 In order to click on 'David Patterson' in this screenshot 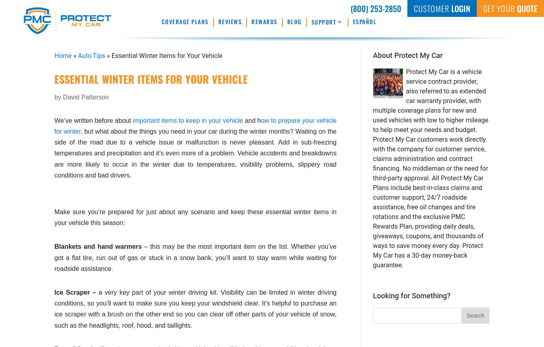, I will do `click(86, 96)`.